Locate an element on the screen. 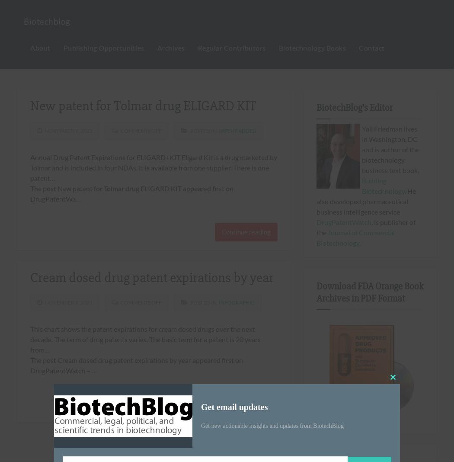  'Patent Added' is located at coordinates (237, 130).